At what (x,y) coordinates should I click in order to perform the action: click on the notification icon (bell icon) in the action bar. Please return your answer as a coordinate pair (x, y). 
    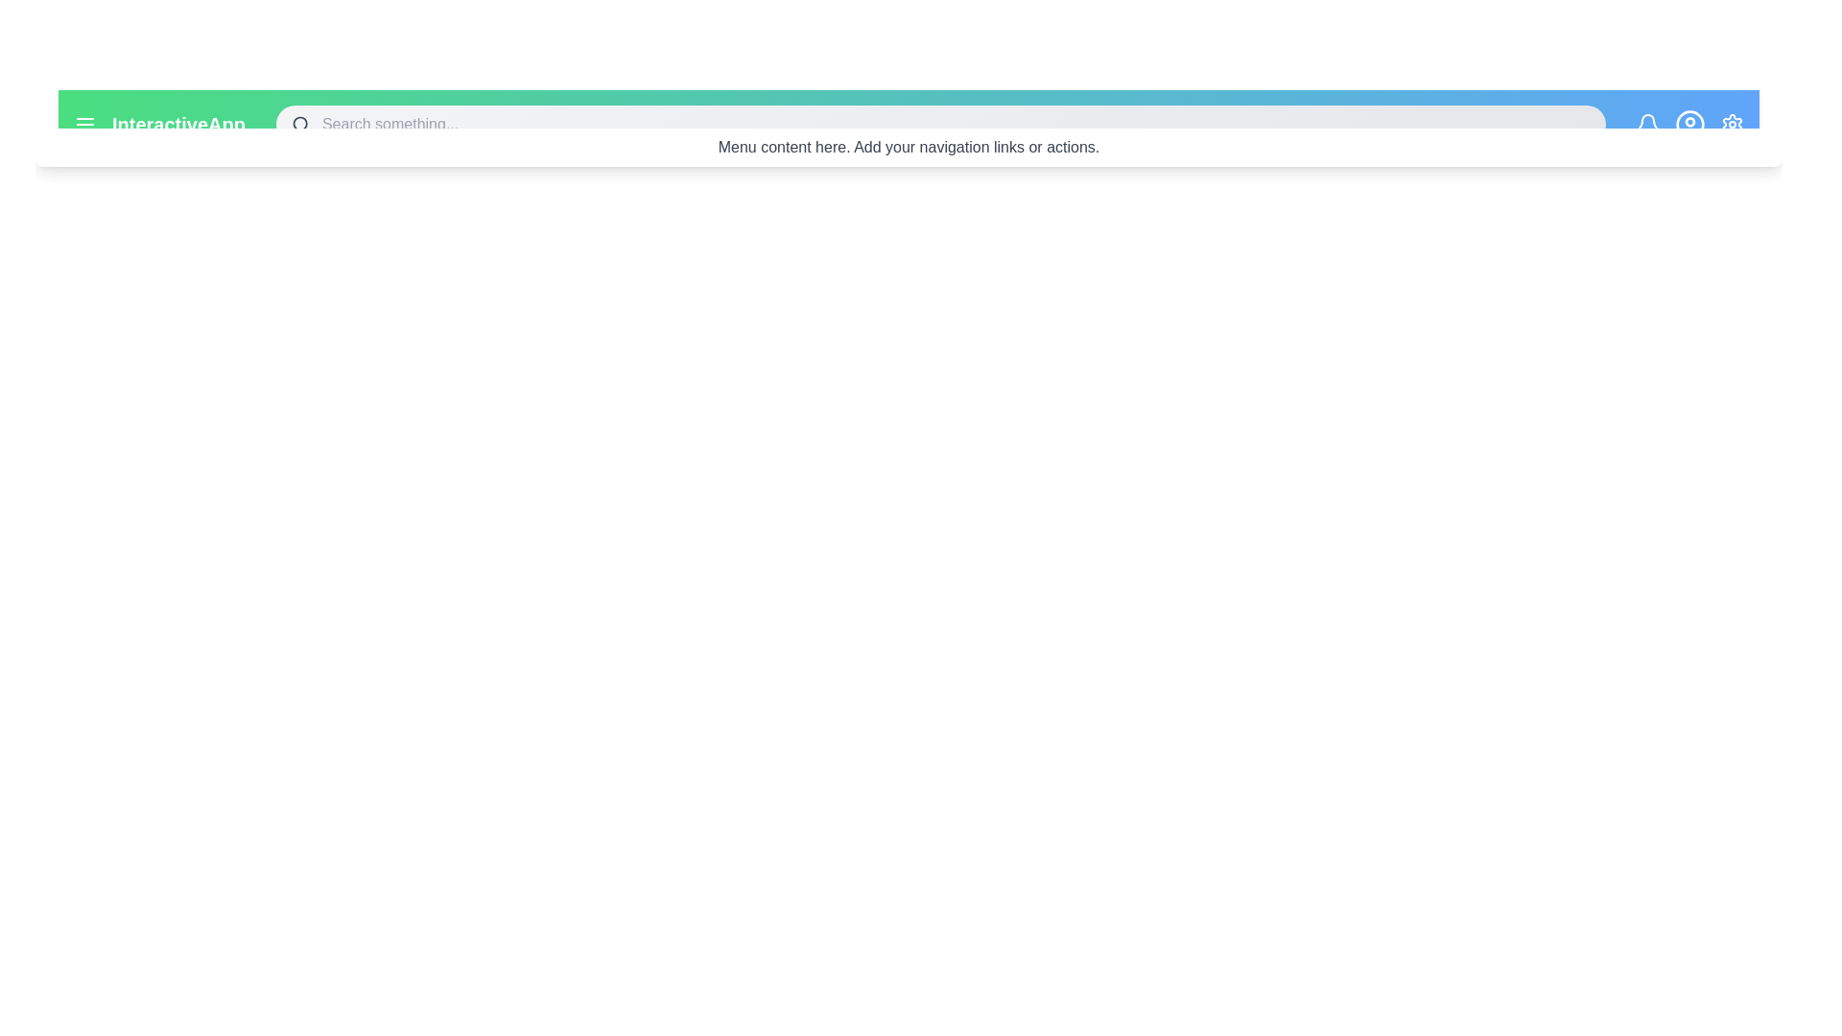
    Looking at the image, I should click on (1647, 125).